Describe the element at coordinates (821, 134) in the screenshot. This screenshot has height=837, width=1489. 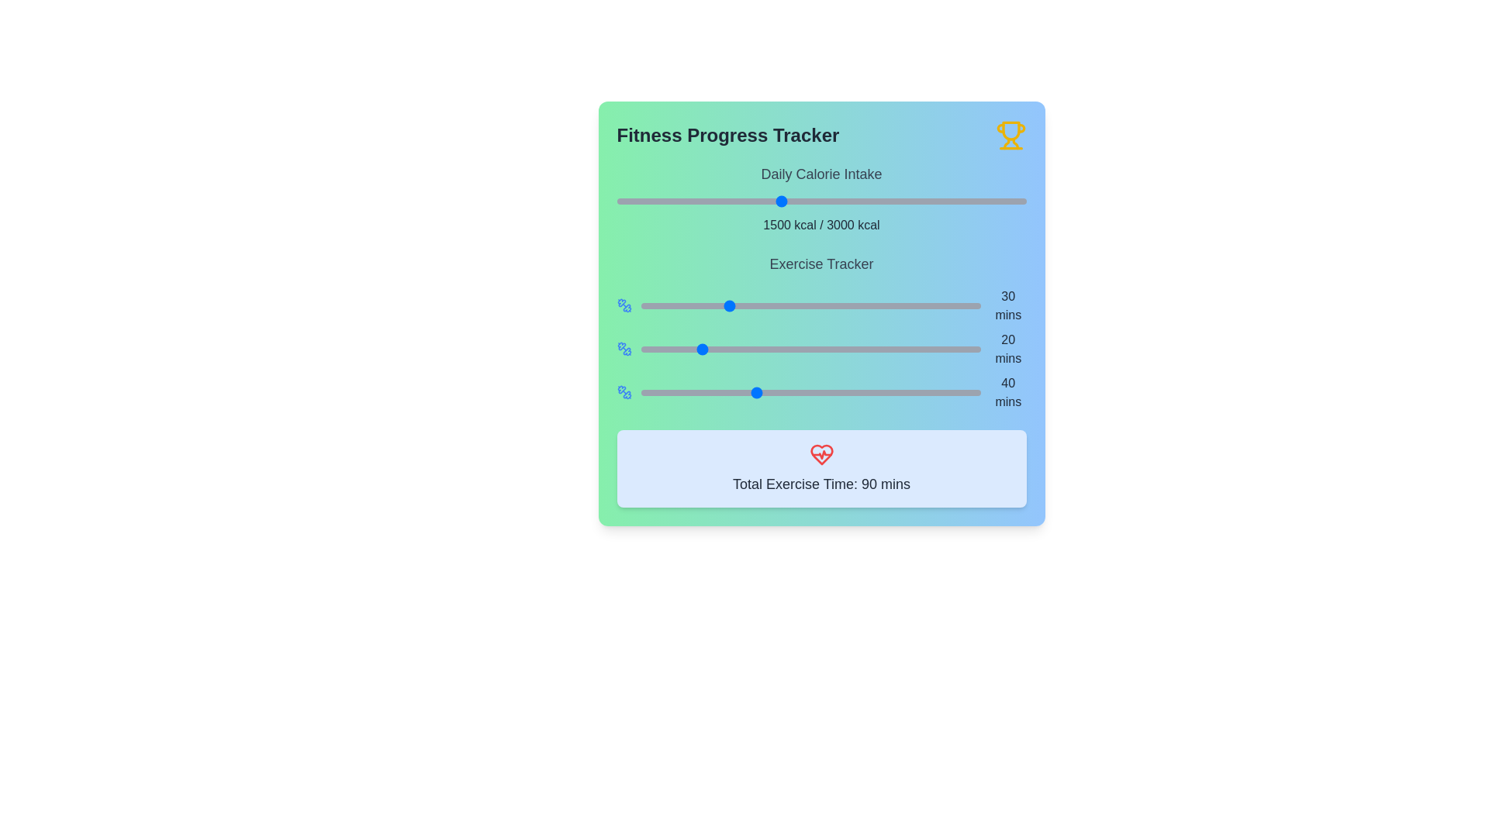
I see `the title text 'Fitness Progress Tracker'` at that location.